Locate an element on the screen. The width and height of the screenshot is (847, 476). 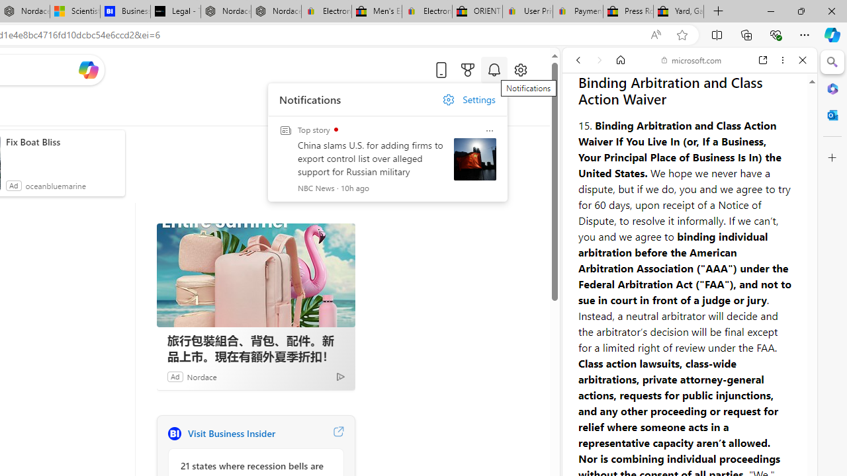
'Press Room - eBay Inc.' is located at coordinates (627, 11).